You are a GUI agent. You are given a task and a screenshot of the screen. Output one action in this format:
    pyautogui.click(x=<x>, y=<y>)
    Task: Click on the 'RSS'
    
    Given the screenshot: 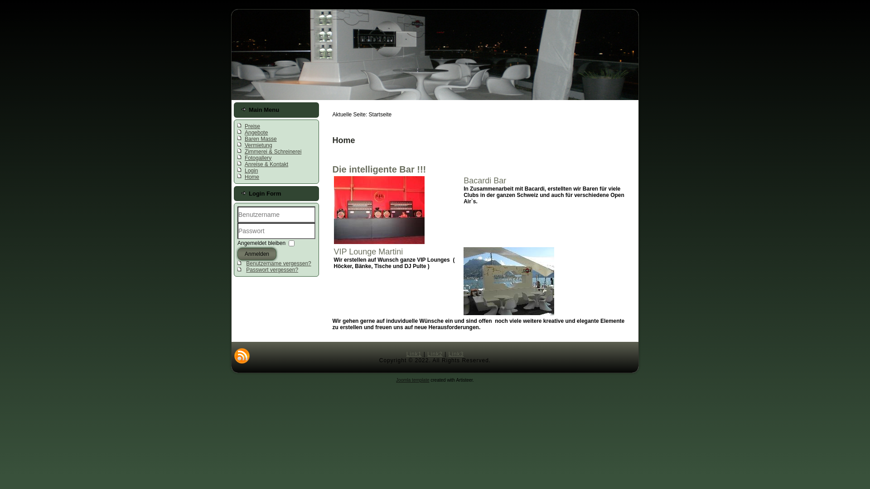 What is the action you would take?
    pyautogui.click(x=242, y=355)
    